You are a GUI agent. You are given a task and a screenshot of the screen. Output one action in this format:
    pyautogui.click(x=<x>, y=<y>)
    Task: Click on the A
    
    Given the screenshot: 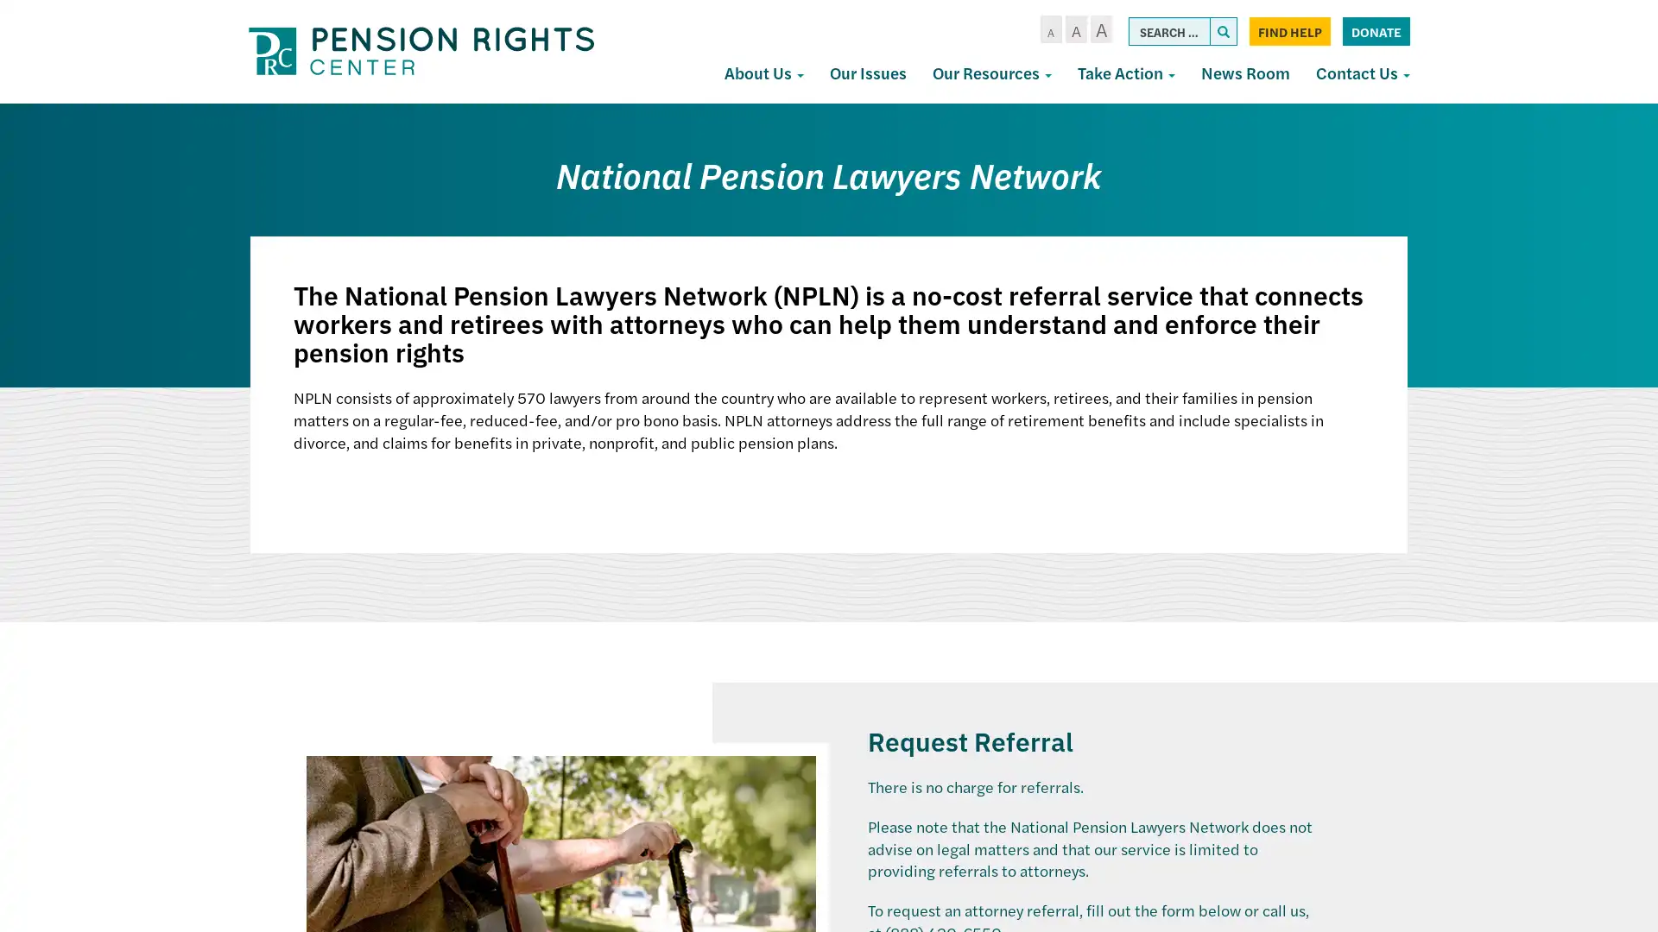 What is the action you would take?
    pyautogui.click(x=1074, y=29)
    